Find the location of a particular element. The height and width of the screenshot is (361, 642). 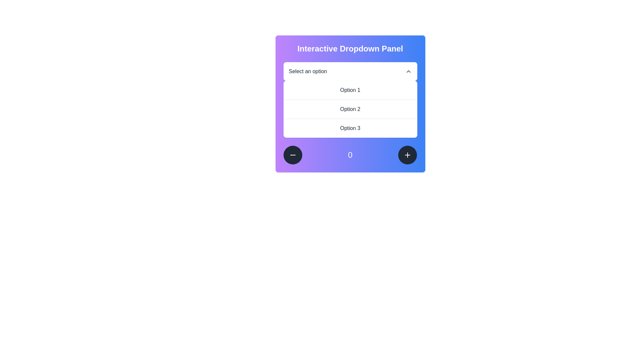

the text label located in the top-left area of the dropdown menu to open the dropdown options is located at coordinates (307, 71).